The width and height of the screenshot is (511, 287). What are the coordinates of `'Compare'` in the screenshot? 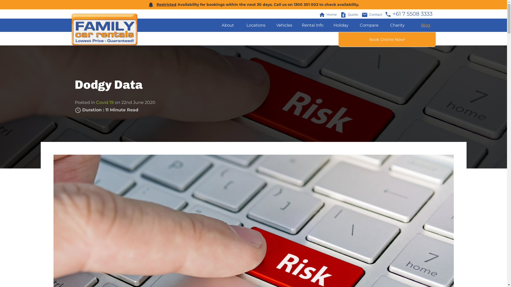 It's located at (369, 25).